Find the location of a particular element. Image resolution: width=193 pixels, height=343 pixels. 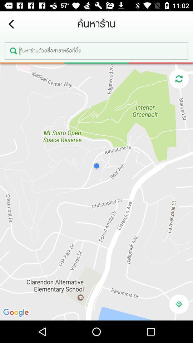

search location is located at coordinates (96, 50).